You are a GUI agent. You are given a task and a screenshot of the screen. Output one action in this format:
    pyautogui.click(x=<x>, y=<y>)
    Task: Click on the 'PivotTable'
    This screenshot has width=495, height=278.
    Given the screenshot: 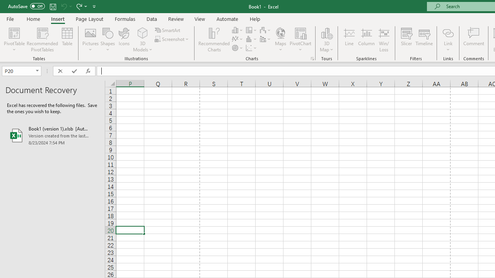 What is the action you would take?
    pyautogui.click(x=14, y=32)
    